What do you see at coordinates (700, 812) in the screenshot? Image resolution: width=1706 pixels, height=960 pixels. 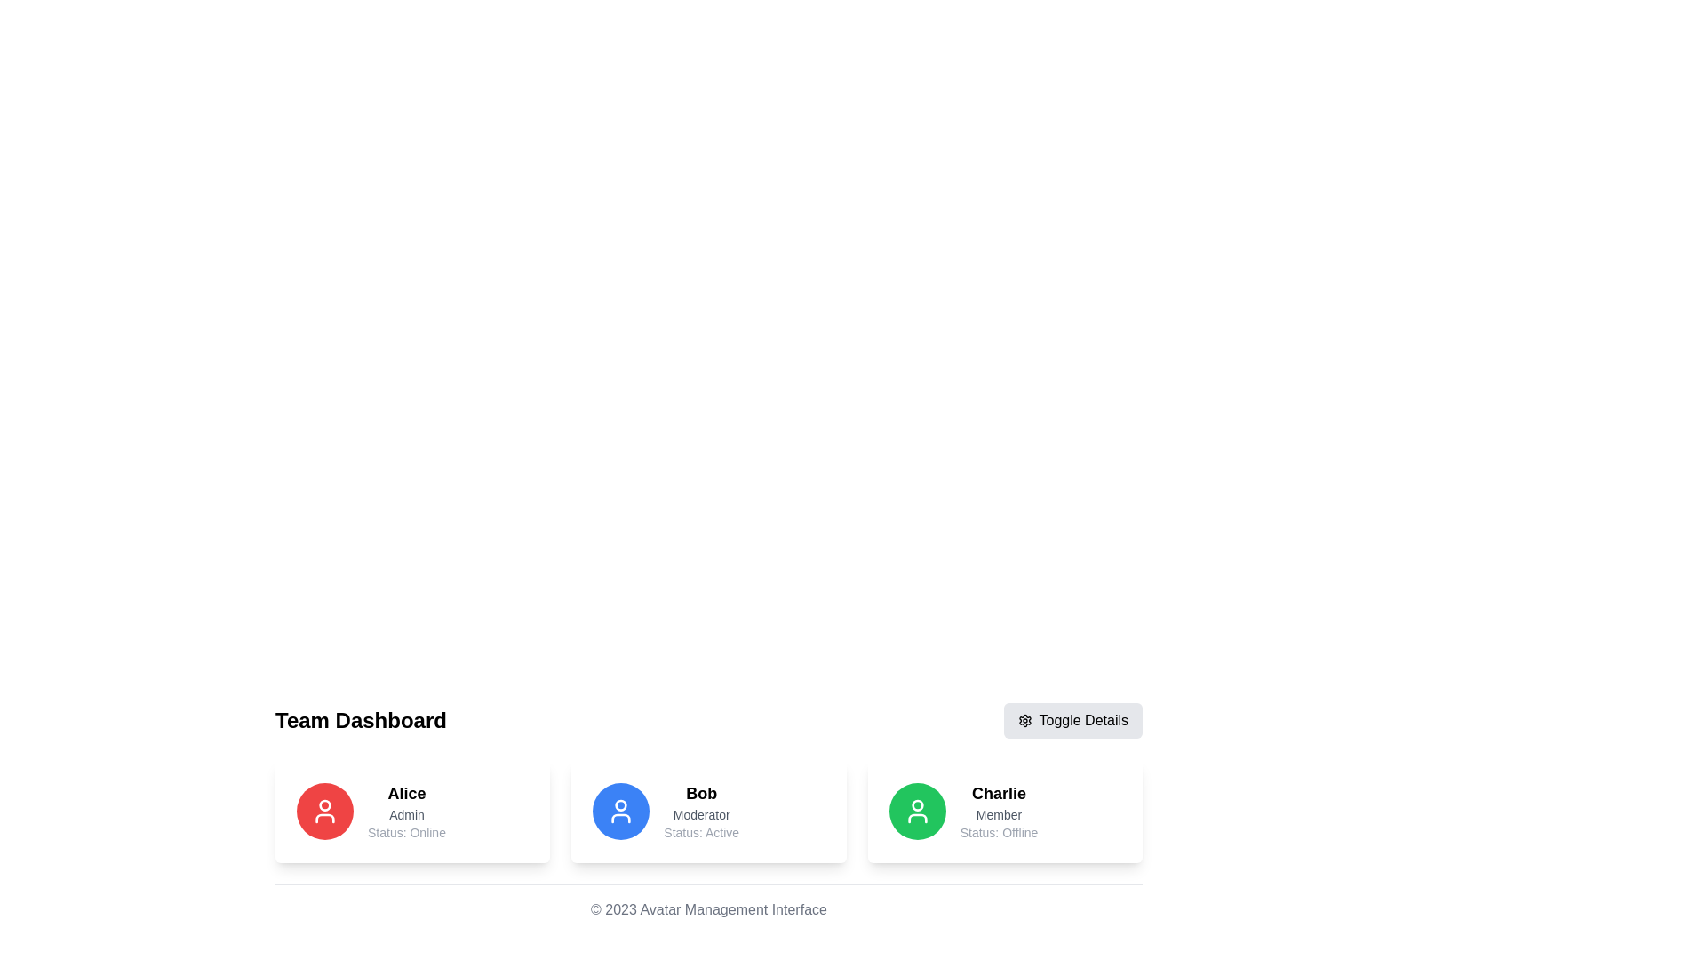 I see `the text block displaying 'Bob' in bold, 'Moderator' in smaller font, and 'Status: Active' in even lighter text, which is centered within Bob's profile card` at bounding box center [700, 812].